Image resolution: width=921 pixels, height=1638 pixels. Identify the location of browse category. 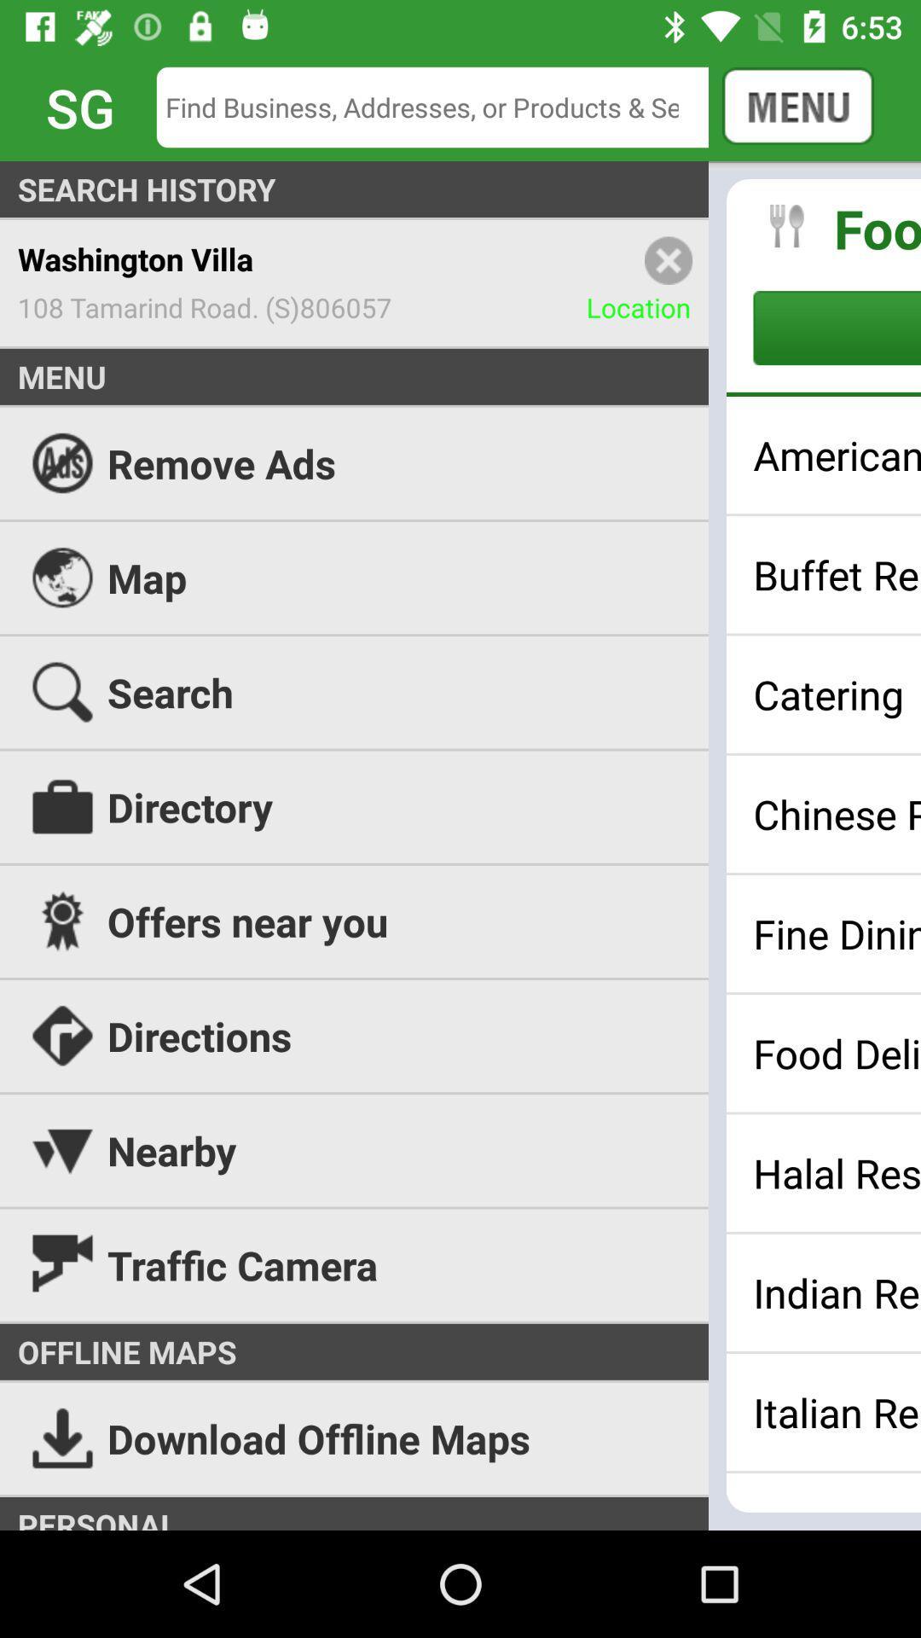
(836, 328).